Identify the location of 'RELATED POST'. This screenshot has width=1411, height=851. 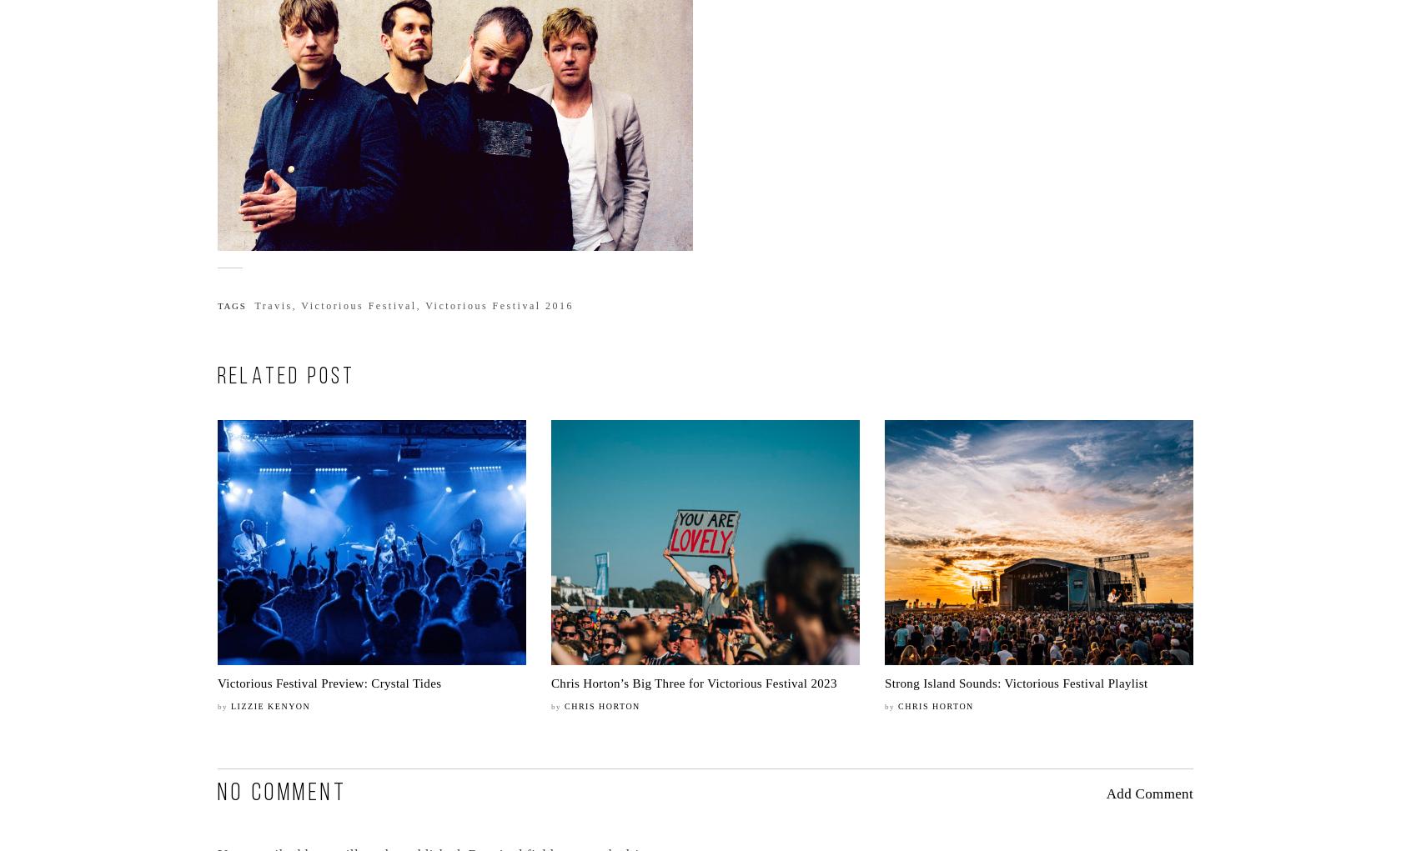
(285, 378).